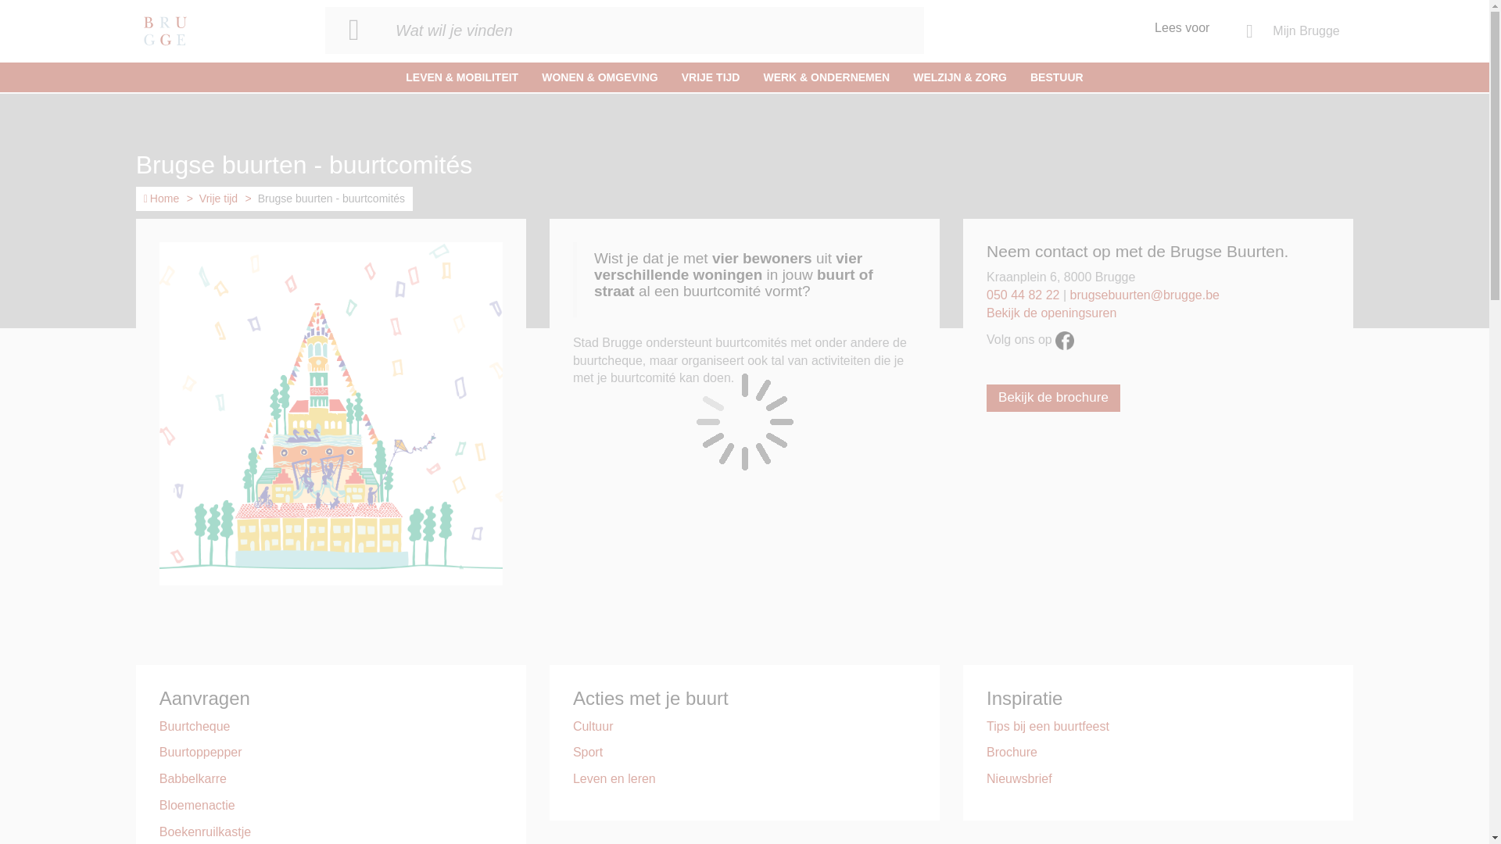  I want to click on 'Lees voor', so click(1185, 19).